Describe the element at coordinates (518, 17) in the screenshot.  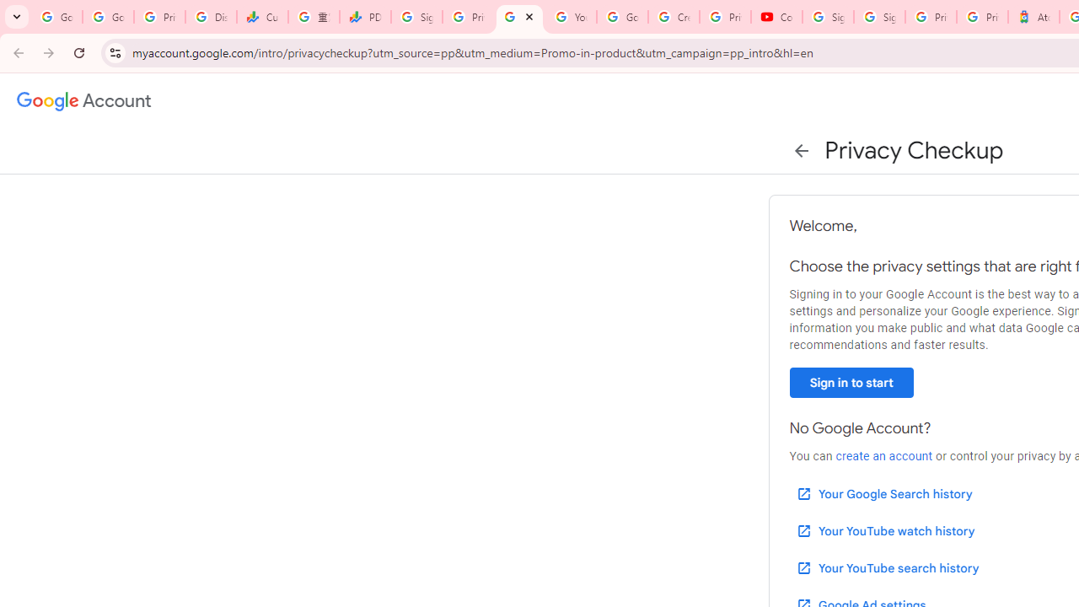
I see `'Privacy Checkup'` at that location.